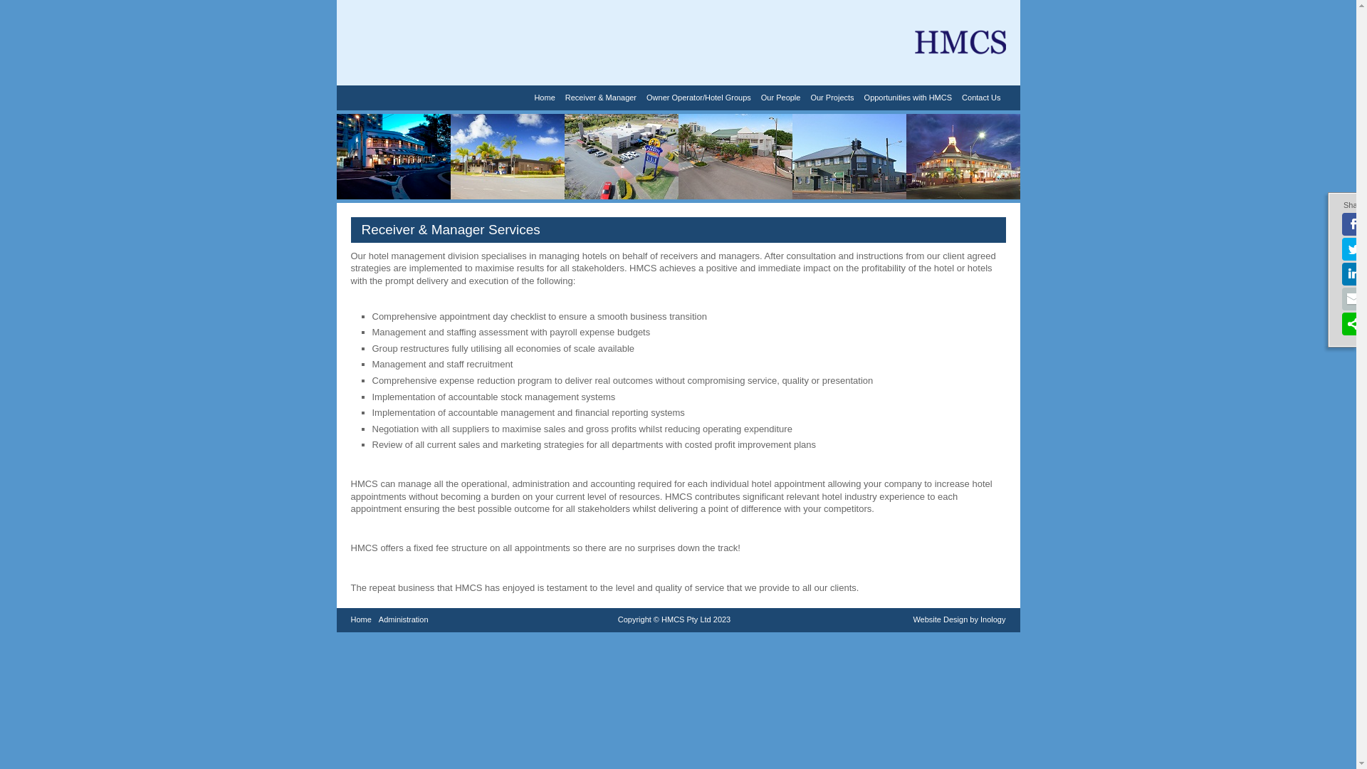 This screenshot has height=769, width=1367. I want to click on 'Home', so click(350, 619).